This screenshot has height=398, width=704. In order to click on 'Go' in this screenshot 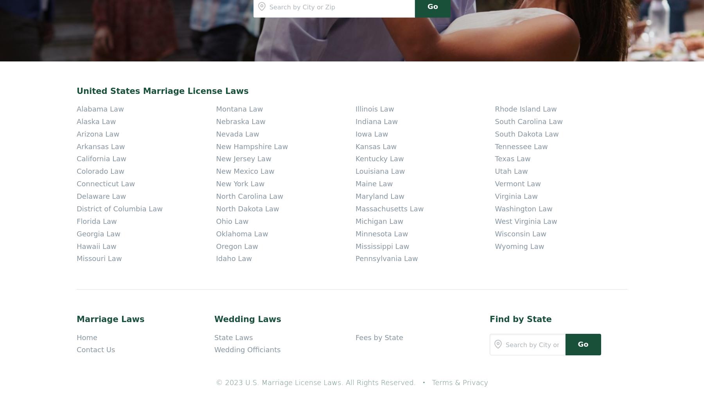, I will do `click(583, 163)`.